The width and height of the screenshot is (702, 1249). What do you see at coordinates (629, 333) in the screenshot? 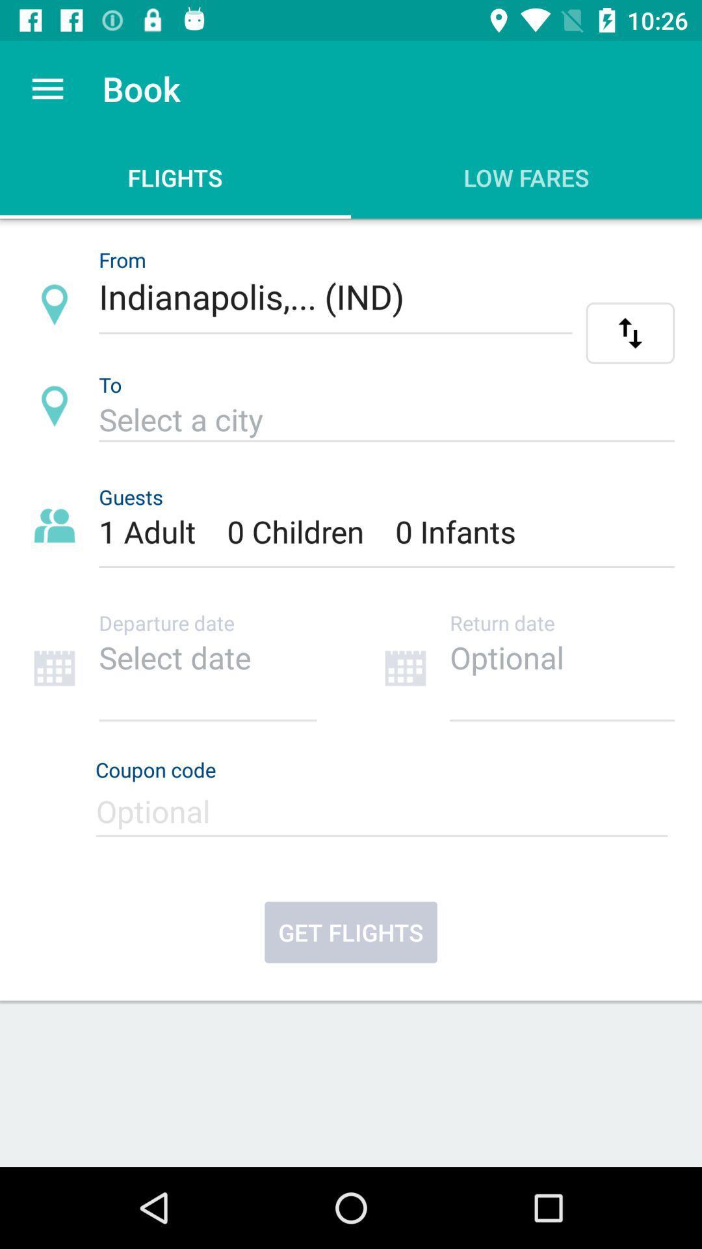
I see `the item next to indianapolis,... (ind) item` at bounding box center [629, 333].